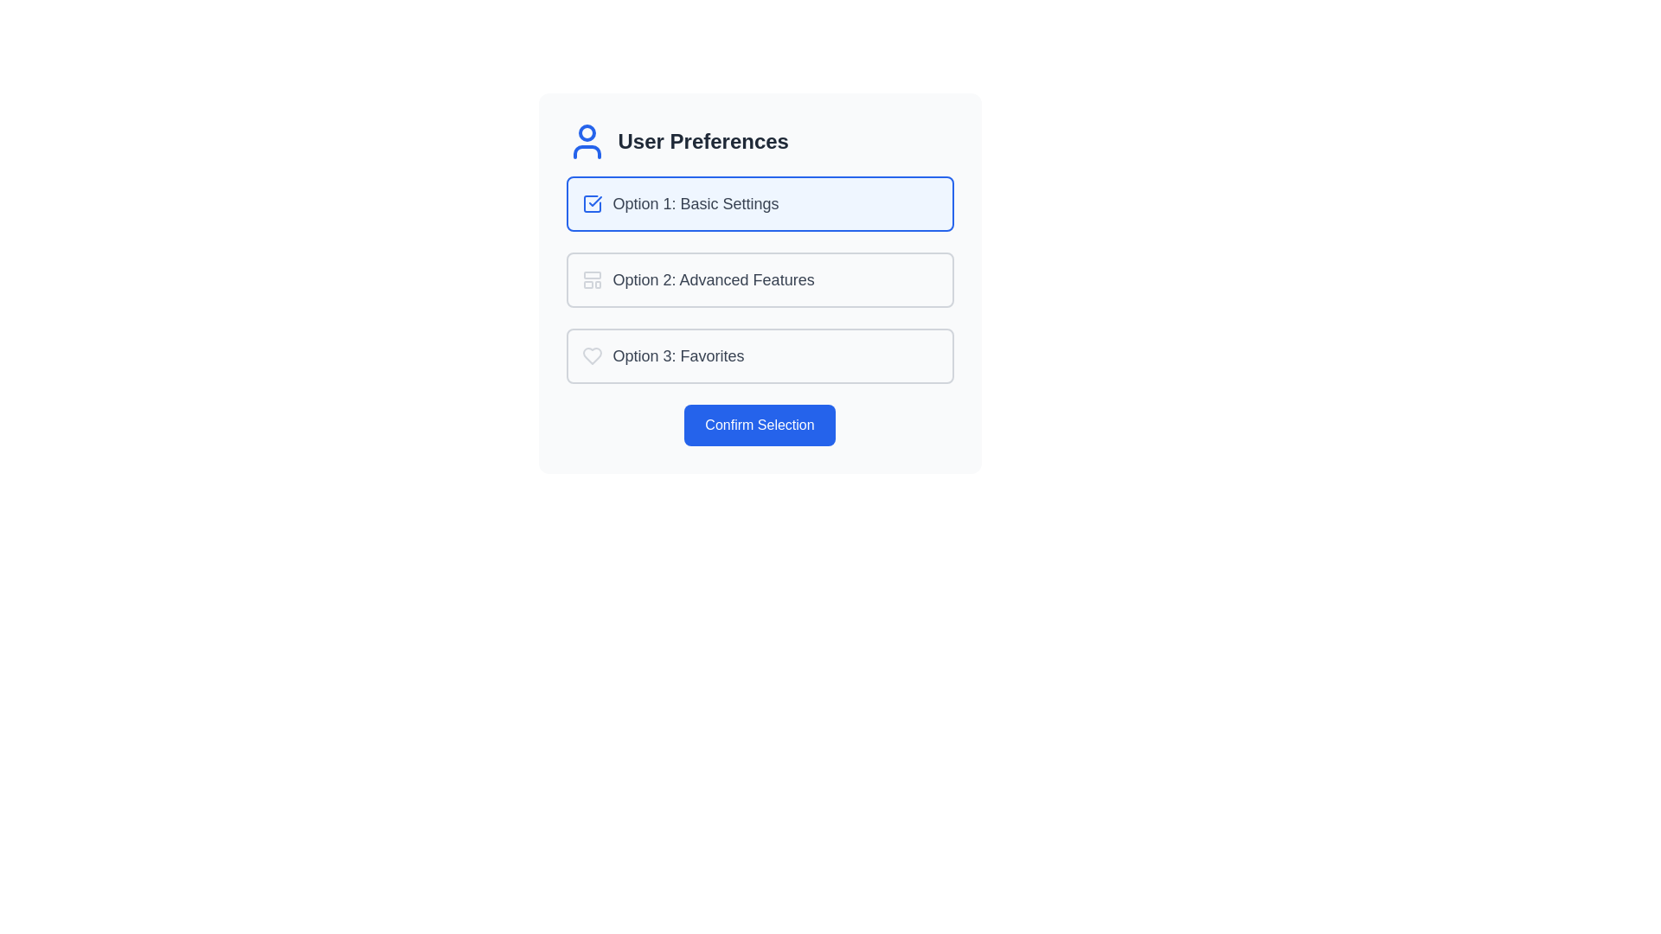 This screenshot has height=934, width=1661. What do you see at coordinates (587, 151) in the screenshot?
I see `the appearance of the lower curved part of the human-shaped icon within the 'User Preferences' interface, located in the upper-left area of the central card` at bounding box center [587, 151].